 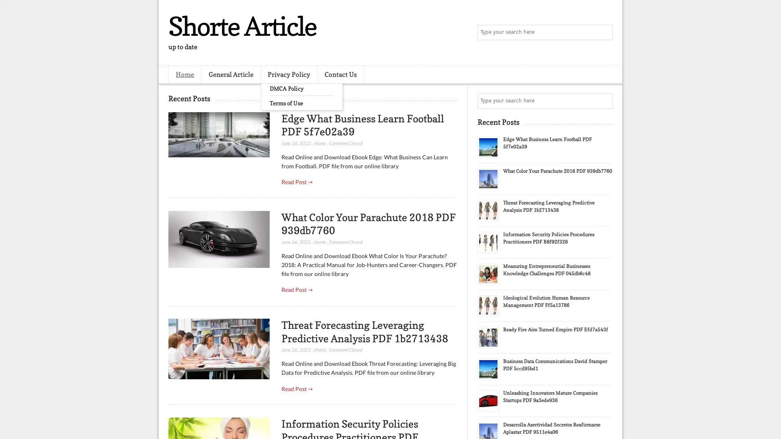 What do you see at coordinates (604, 101) in the screenshot?
I see `Search` at bounding box center [604, 101].